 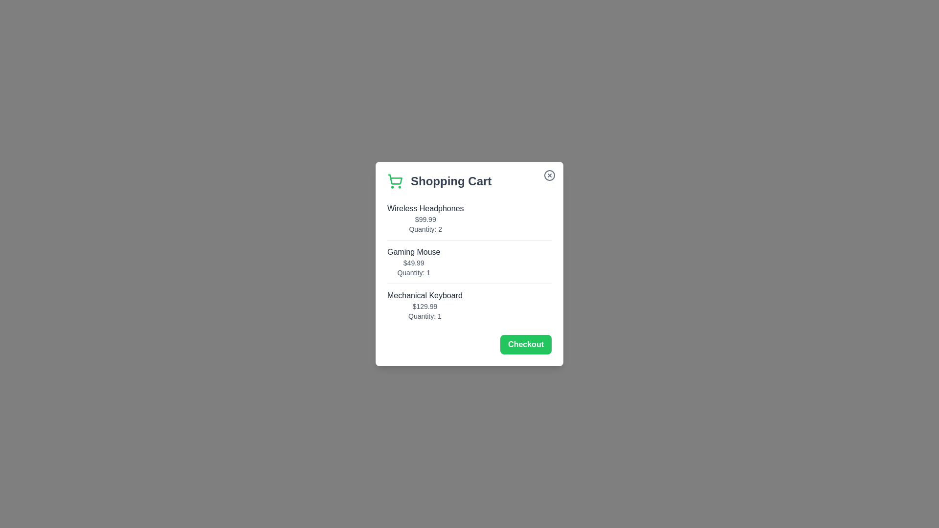 I want to click on 'Checkout' button to initiate the checkout process, so click(x=525, y=344).